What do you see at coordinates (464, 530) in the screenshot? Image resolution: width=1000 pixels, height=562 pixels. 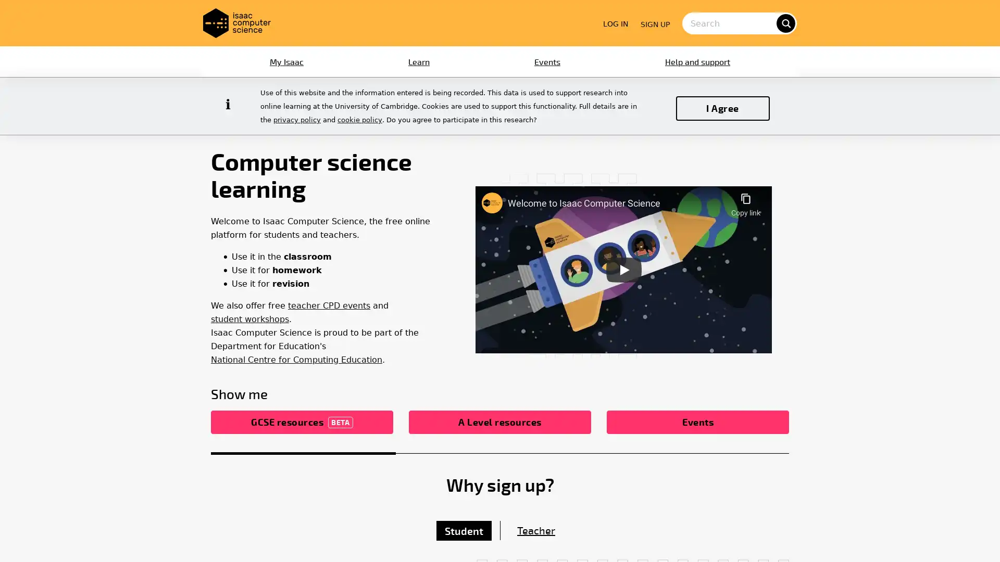 I see `Student` at bounding box center [464, 530].